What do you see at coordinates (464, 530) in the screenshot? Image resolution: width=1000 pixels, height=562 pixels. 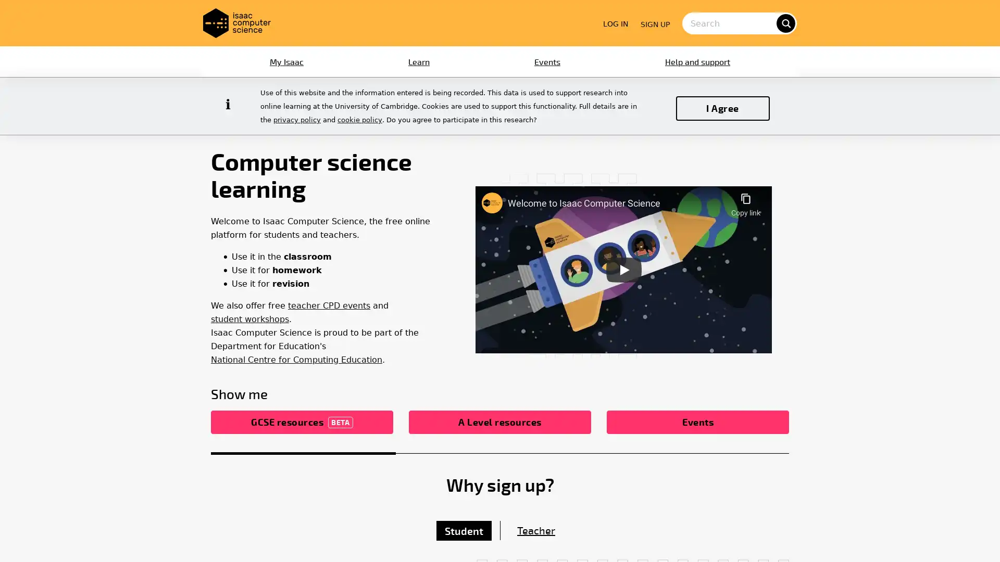 I see `Student` at bounding box center [464, 530].